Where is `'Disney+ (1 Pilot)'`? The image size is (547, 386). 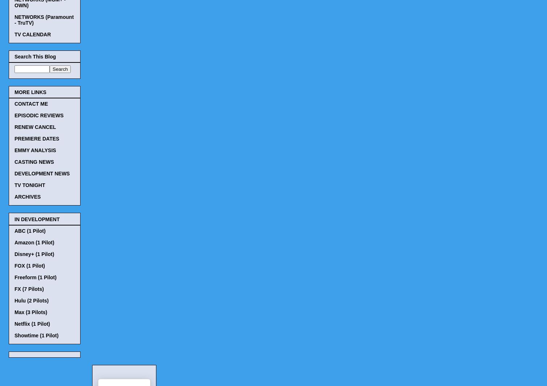 'Disney+ (1 Pilot)' is located at coordinates (34, 253).